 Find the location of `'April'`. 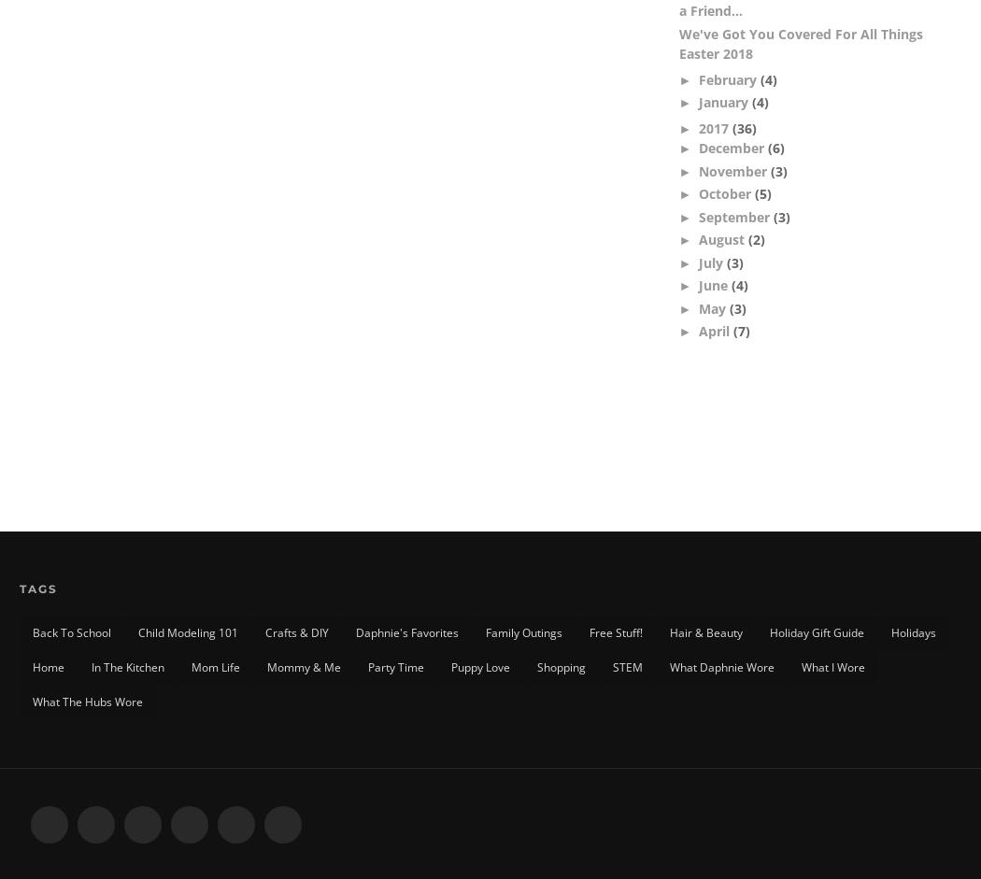

'April' is located at coordinates (716, 331).